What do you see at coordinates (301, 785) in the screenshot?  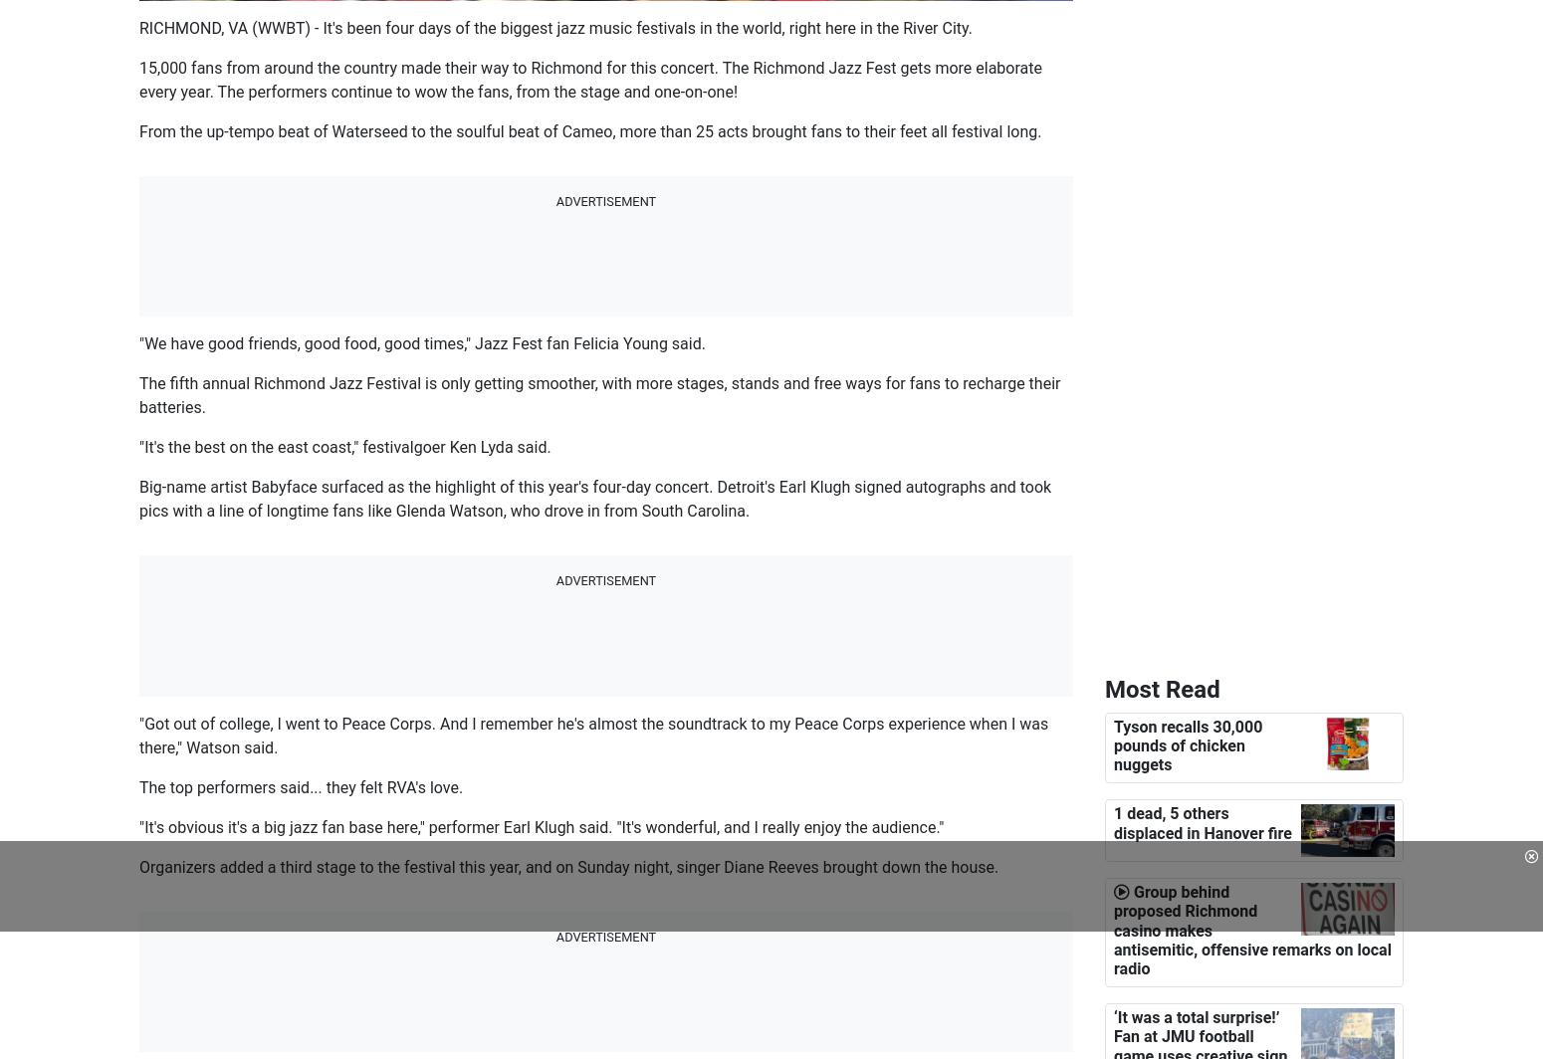 I see `'The top performers said... they felt RVA's love.'` at bounding box center [301, 785].